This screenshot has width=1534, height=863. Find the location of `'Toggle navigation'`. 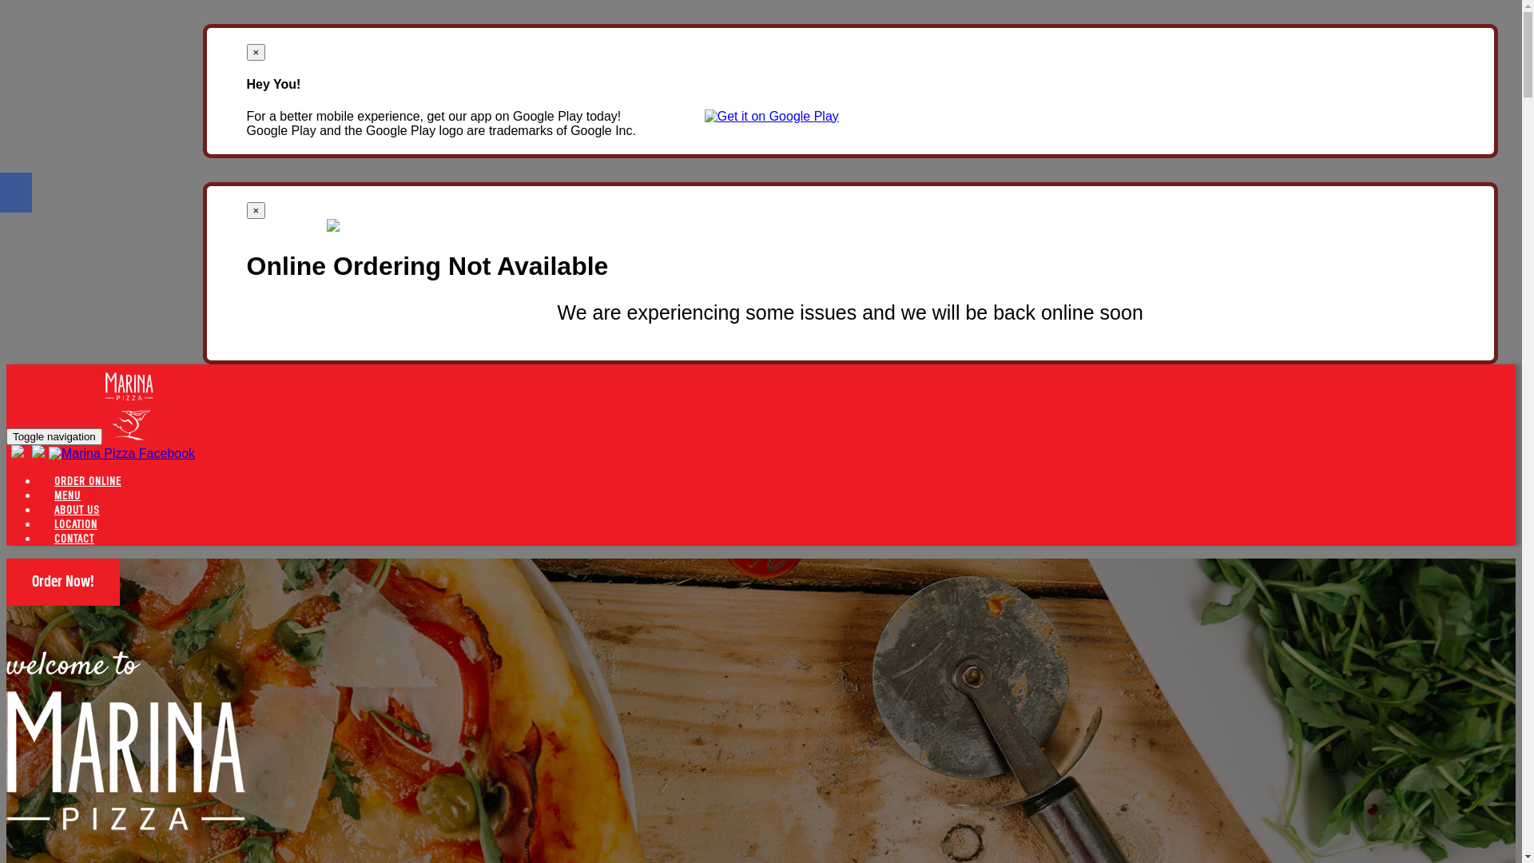

'Toggle navigation' is located at coordinates (6, 436).